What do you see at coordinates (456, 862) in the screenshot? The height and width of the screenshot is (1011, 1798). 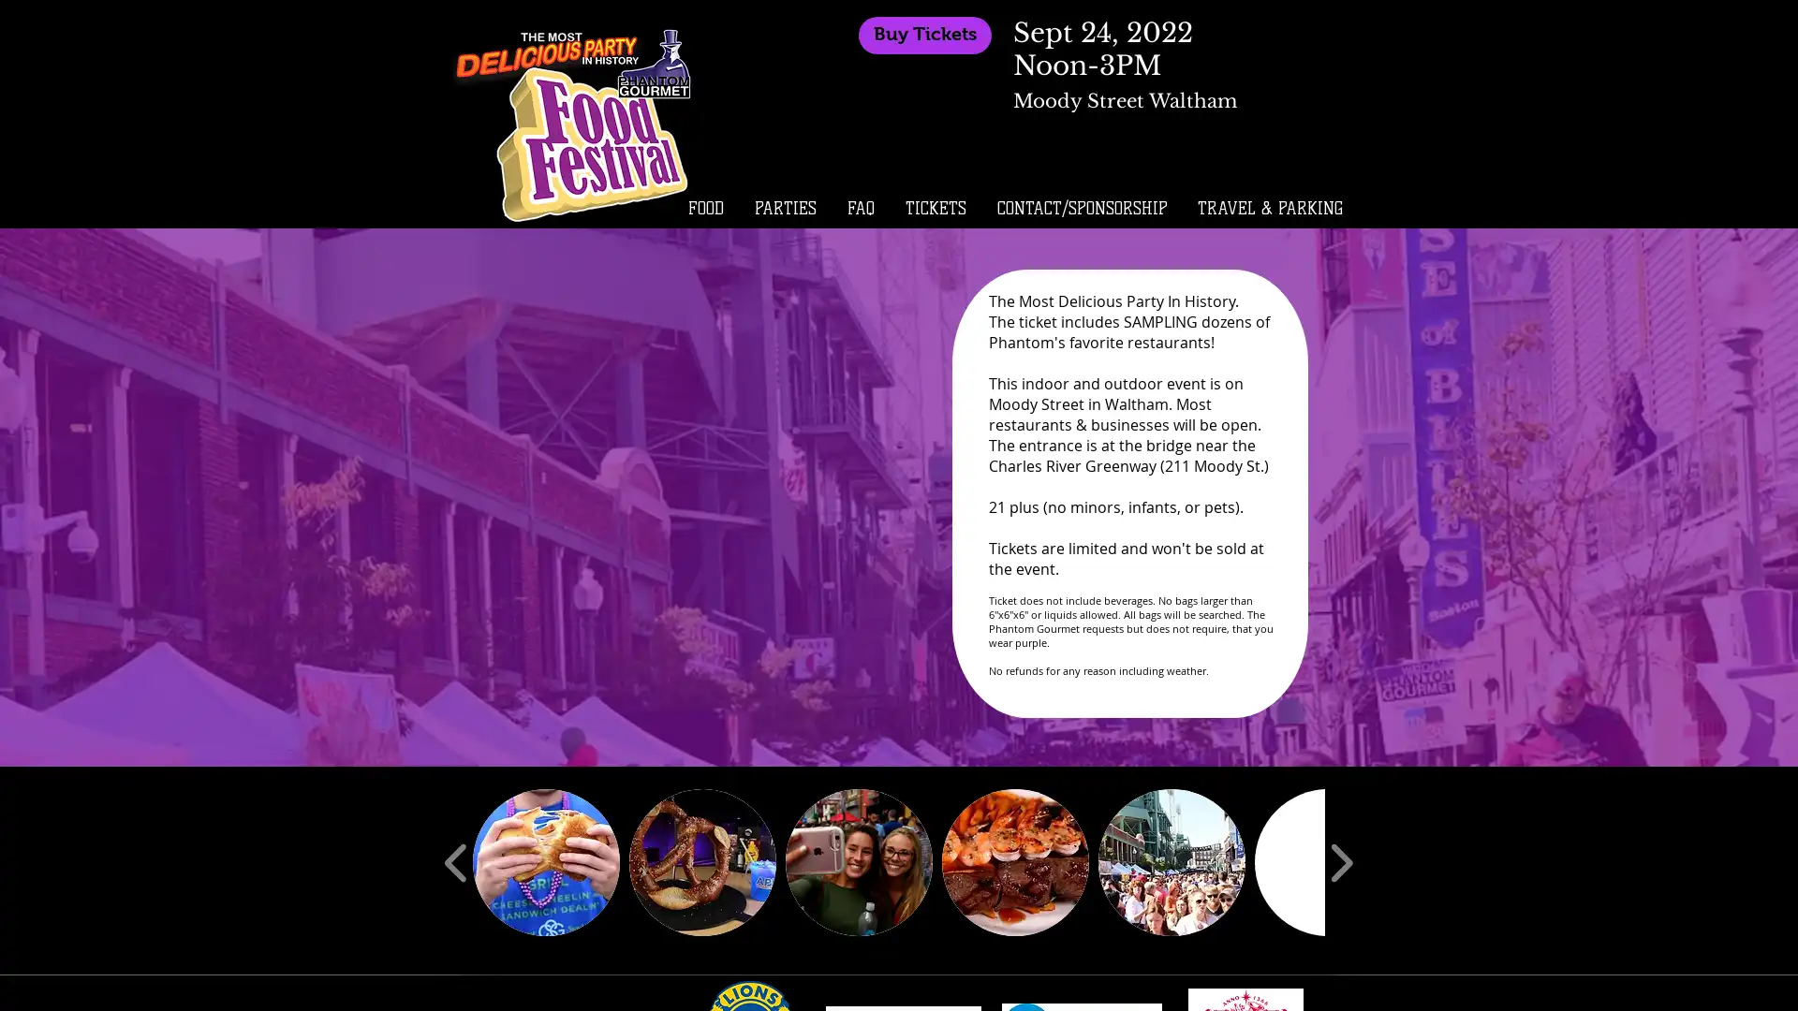 I see `play backward` at bounding box center [456, 862].